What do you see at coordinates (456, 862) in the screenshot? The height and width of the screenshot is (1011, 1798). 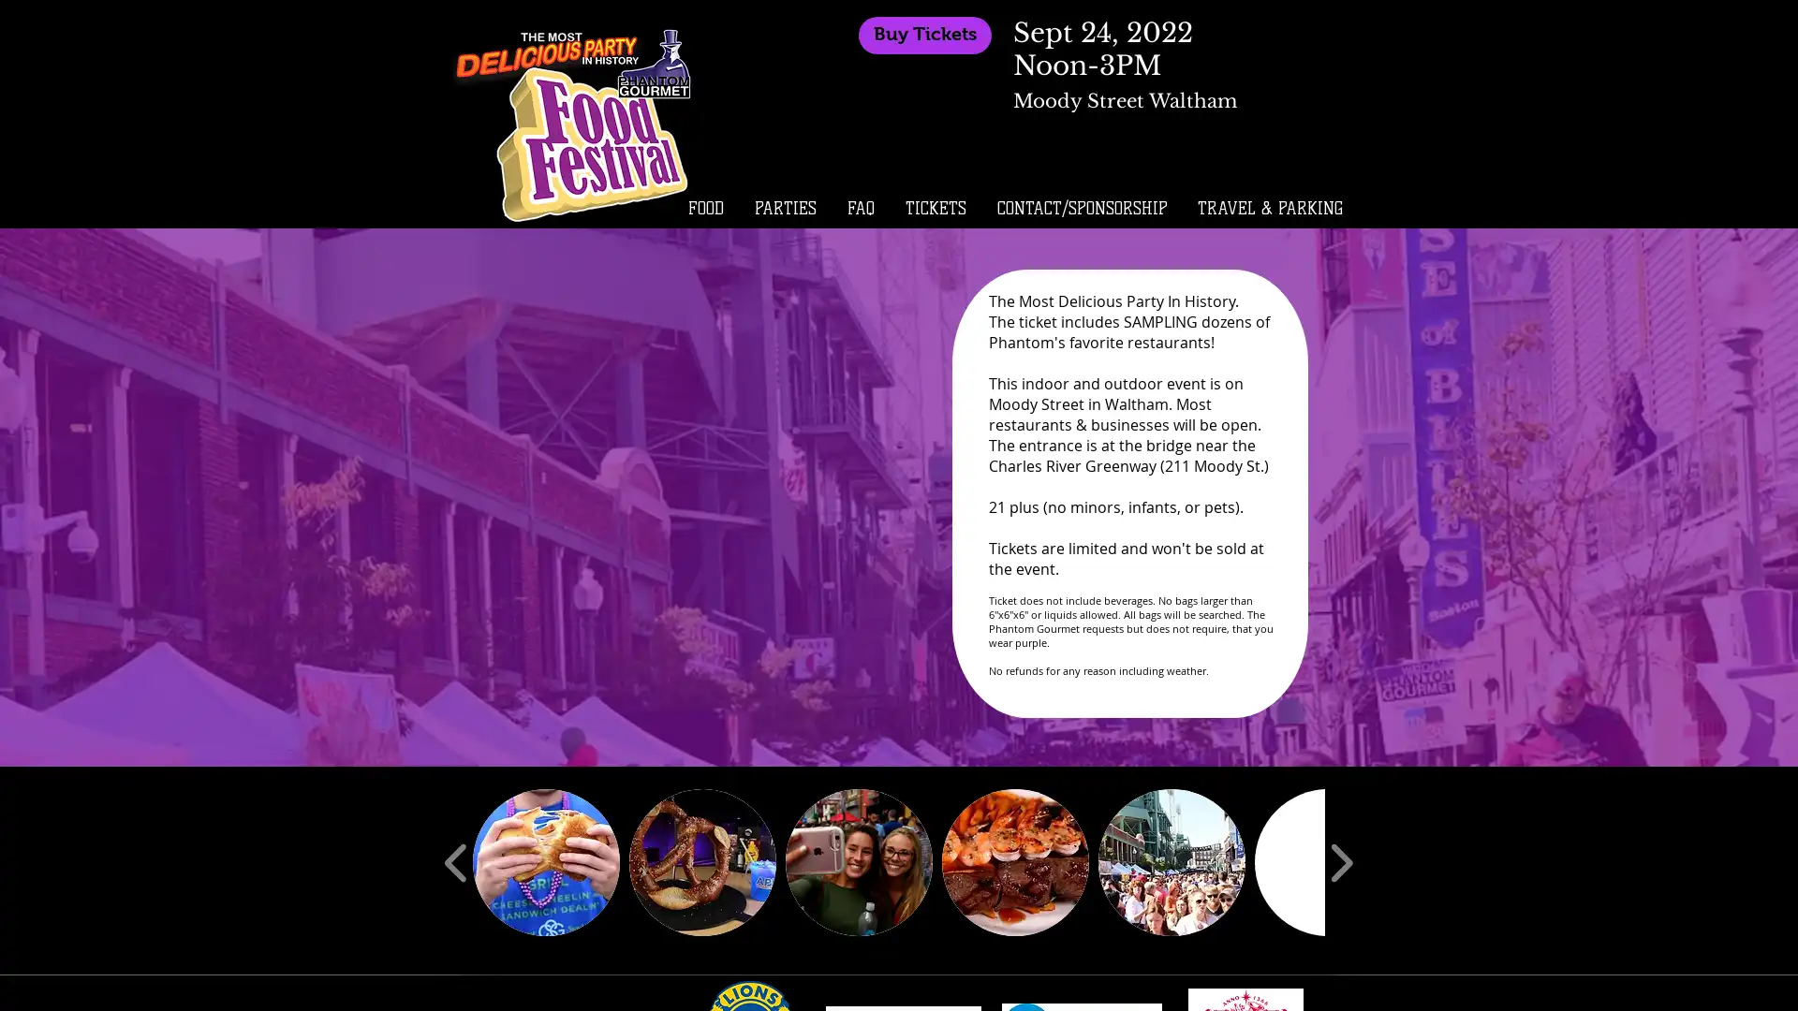 I see `play backward` at bounding box center [456, 862].